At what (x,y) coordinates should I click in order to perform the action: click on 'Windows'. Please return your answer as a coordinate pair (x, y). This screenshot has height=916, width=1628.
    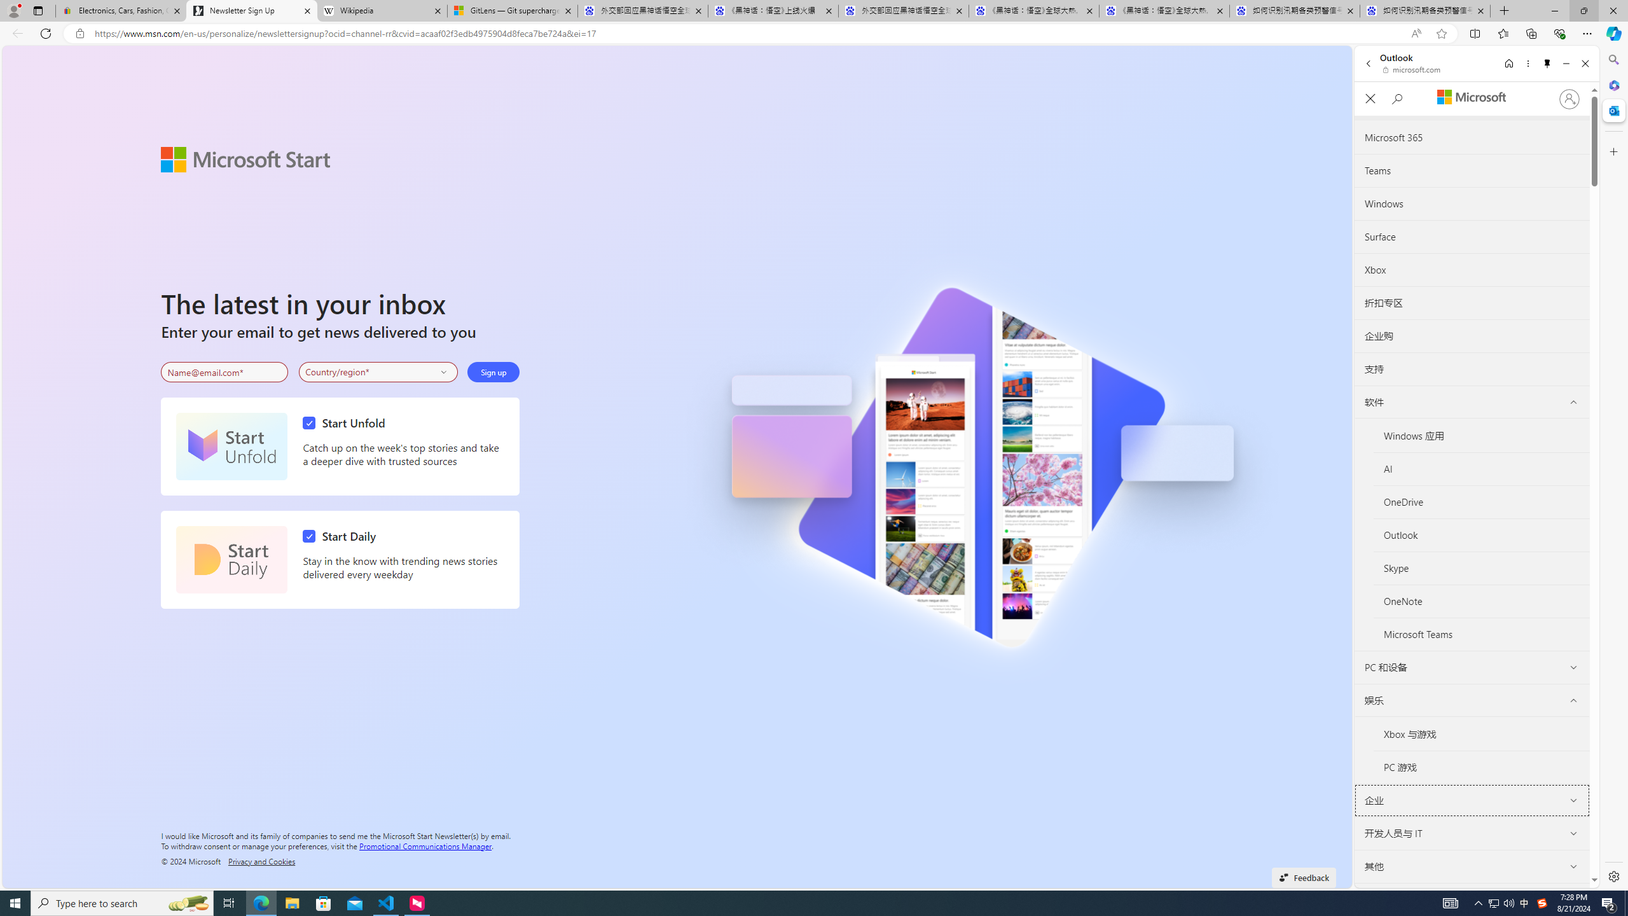
    Looking at the image, I should click on (1472, 204).